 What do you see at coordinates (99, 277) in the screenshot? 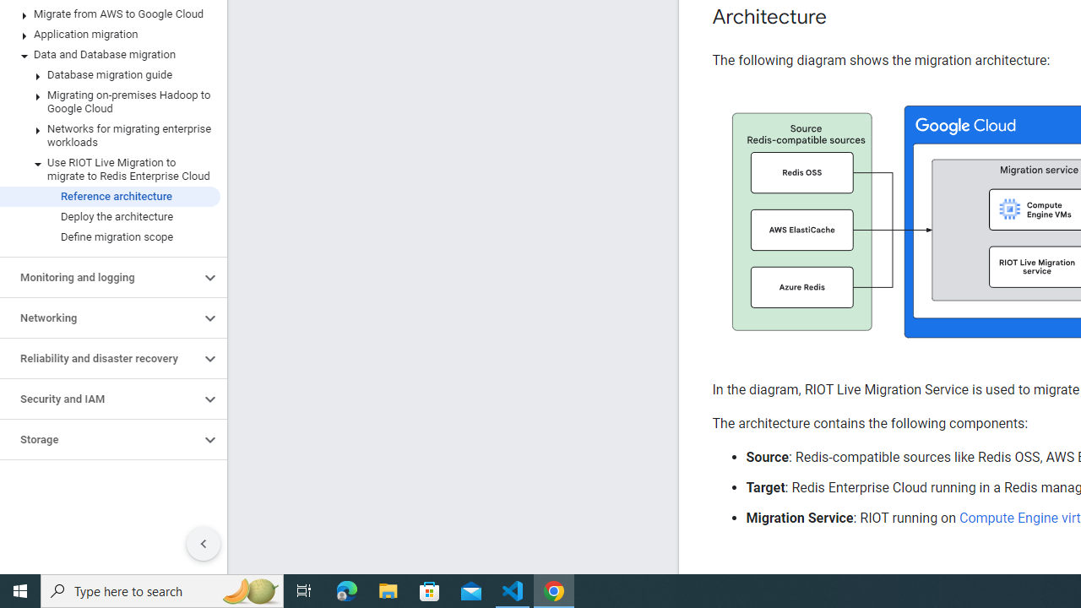
I see `'Monitoring and logging'` at bounding box center [99, 277].